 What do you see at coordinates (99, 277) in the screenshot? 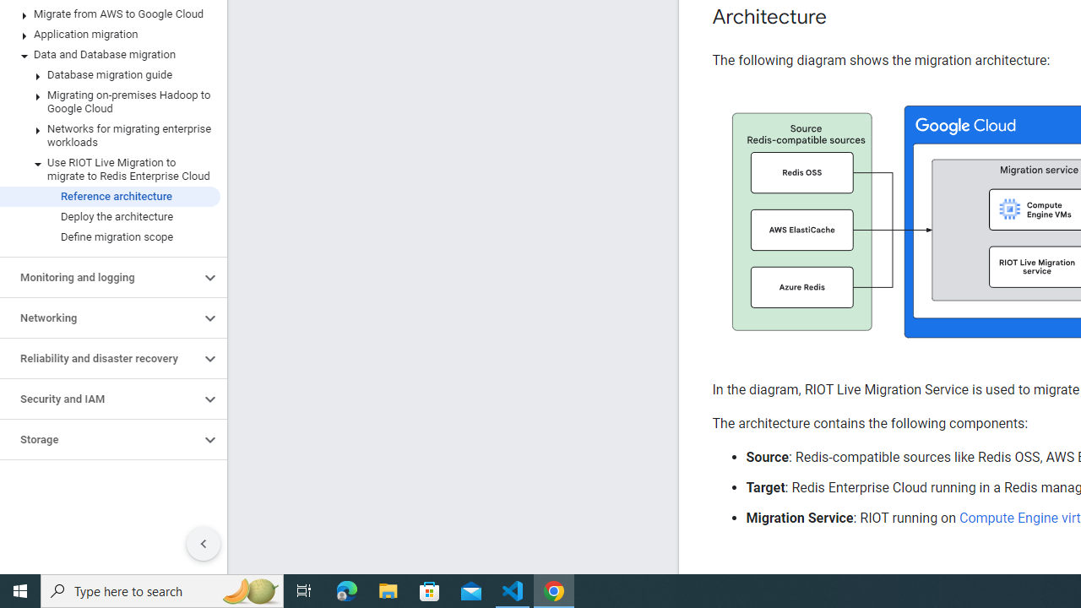
I see `'Monitoring and logging'` at bounding box center [99, 277].